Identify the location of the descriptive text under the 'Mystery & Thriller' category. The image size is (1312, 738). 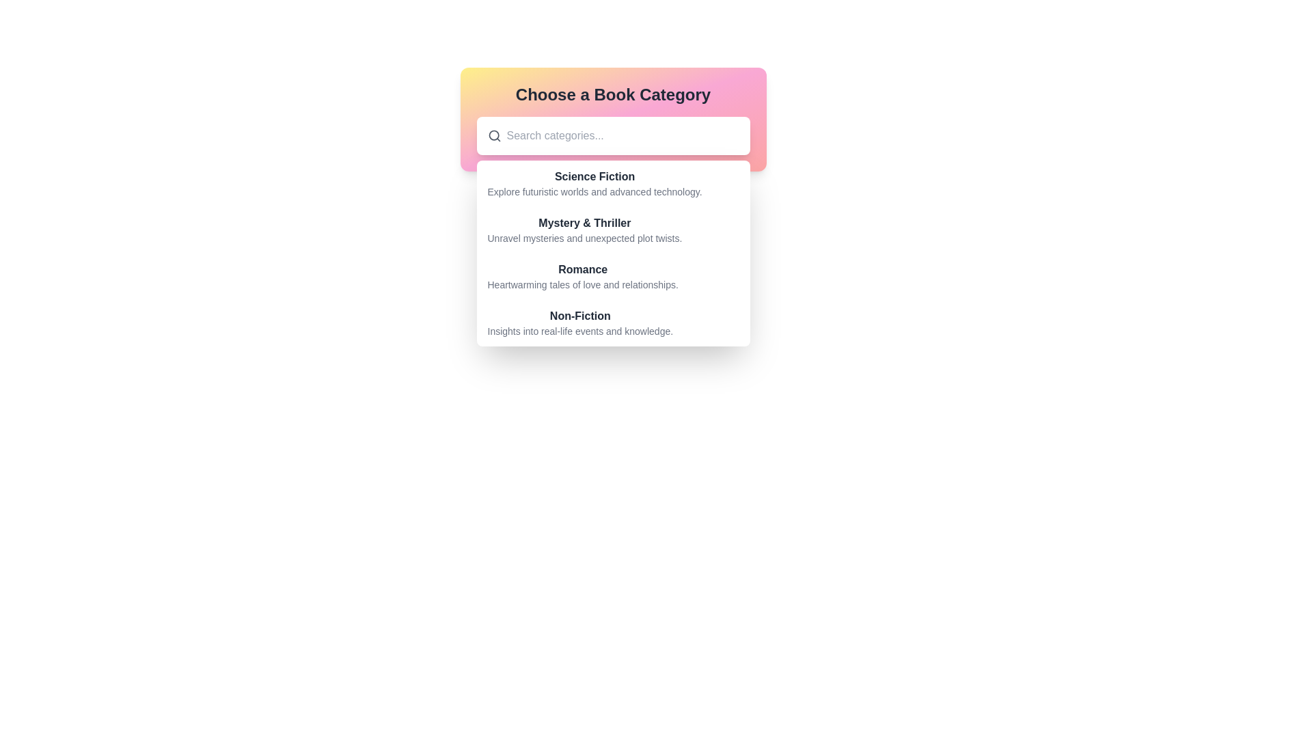
(584, 237).